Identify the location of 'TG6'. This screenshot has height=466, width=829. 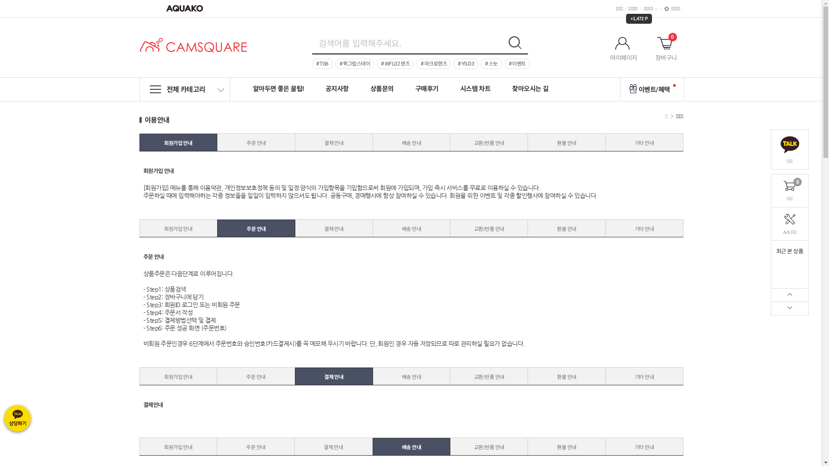
(321, 63).